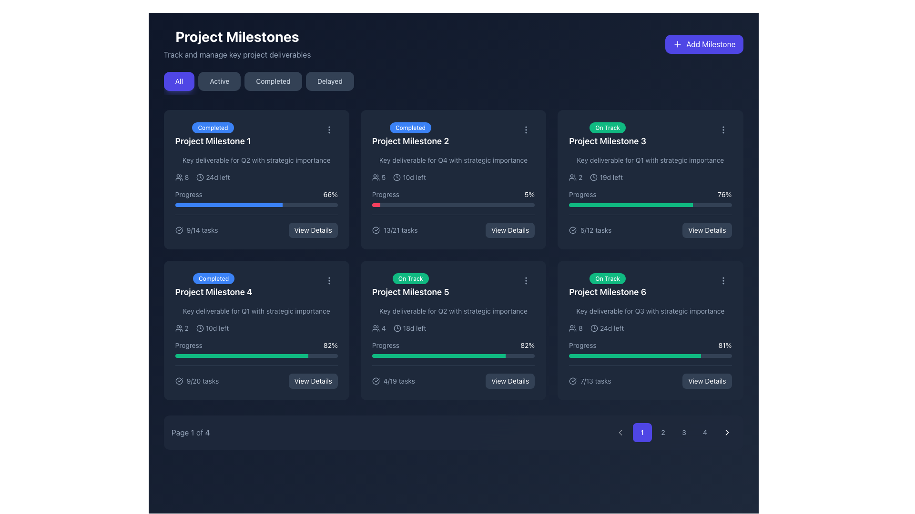 The image size is (915, 514). What do you see at coordinates (582, 194) in the screenshot?
I see `the 'Progress' text label which is light gray, displayed in a sans-serif font, located within the 'Project Milestone 3' card, above the progress bar and to the left of the percentage value '76%'` at bounding box center [582, 194].